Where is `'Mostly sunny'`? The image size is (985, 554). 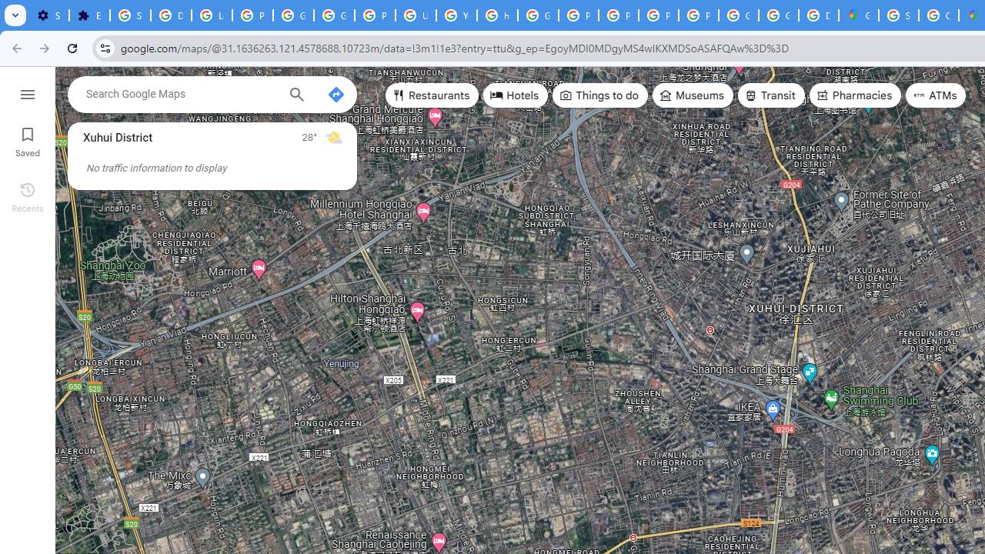
'Mostly sunny' is located at coordinates (332, 136).